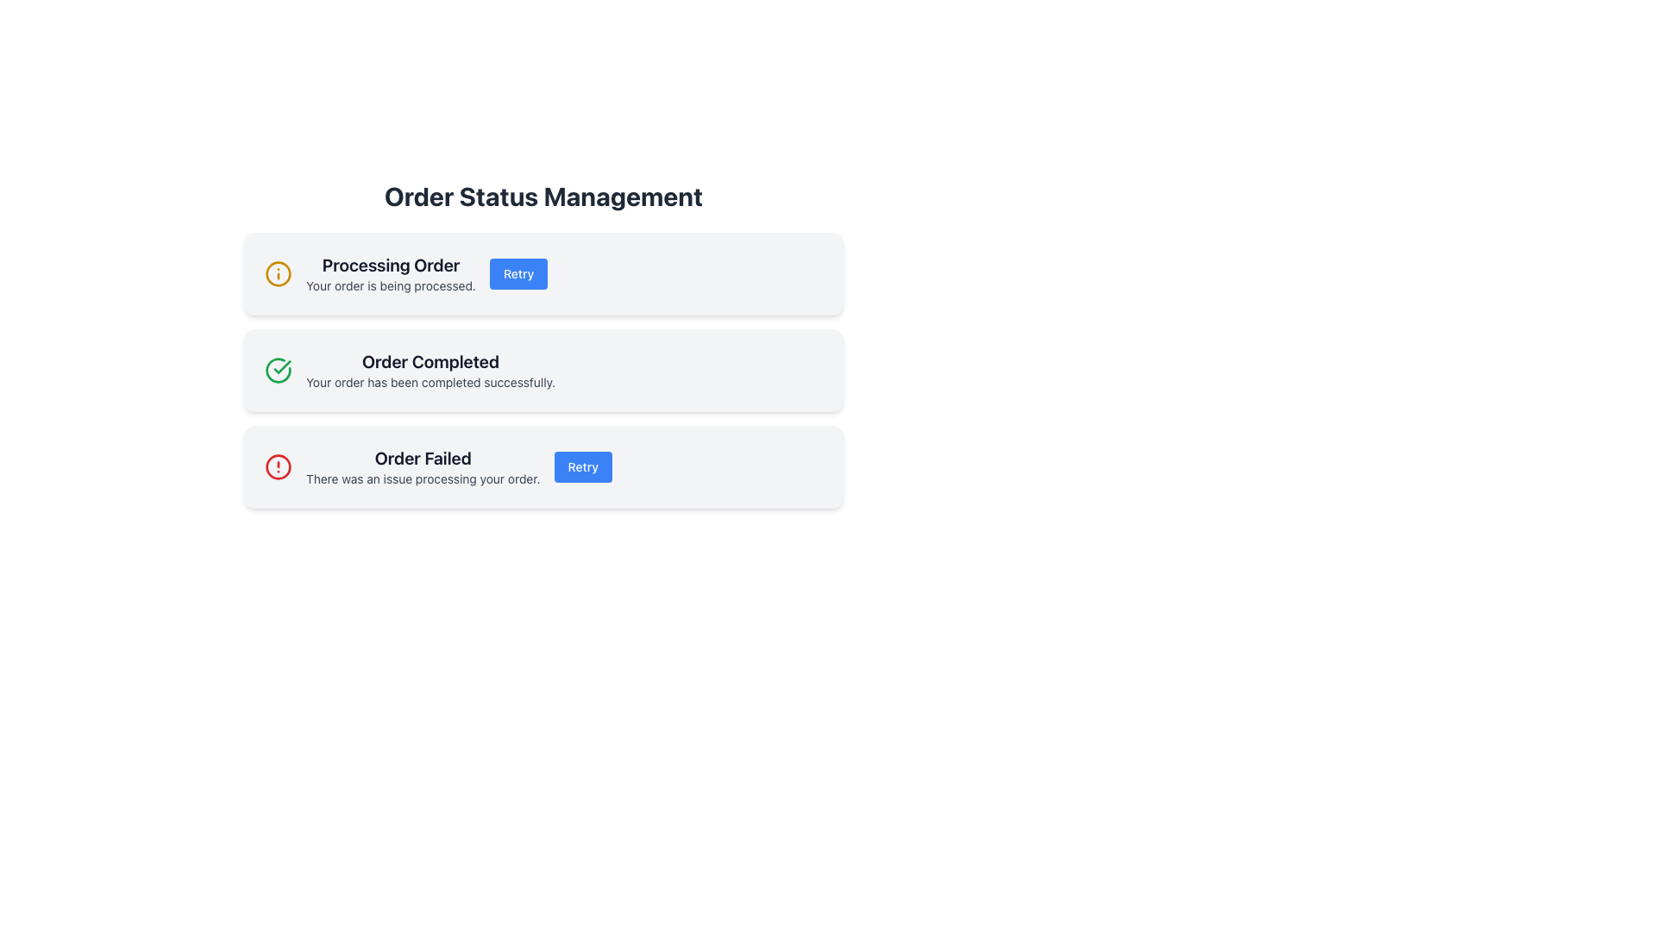  What do you see at coordinates (543, 369) in the screenshot?
I see `the Notification box that confirms the successful completion of an order, which is the second in a vertical list of three notifications` at bounding box center [543, 369].